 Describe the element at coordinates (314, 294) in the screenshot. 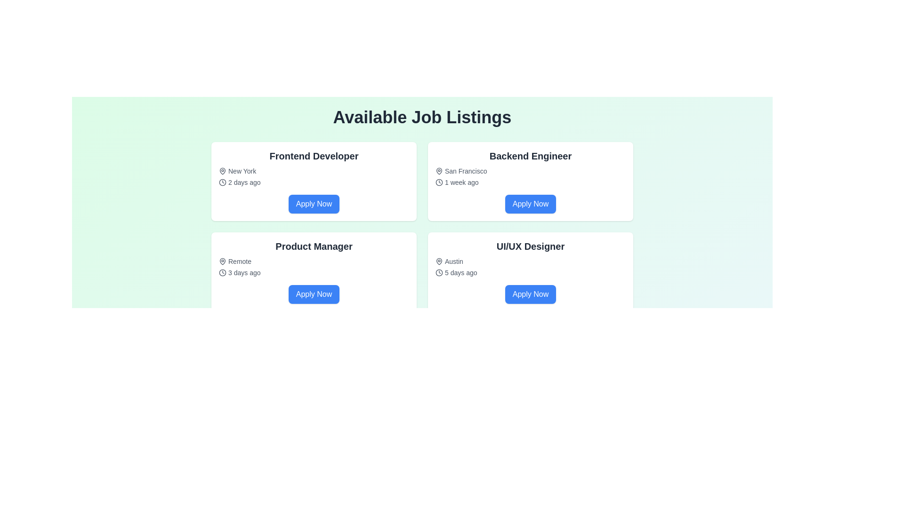

I see `the rectangular 'Apply Now' button with a blue background and white text located within the 'Product Manager' job listing card` at that location.